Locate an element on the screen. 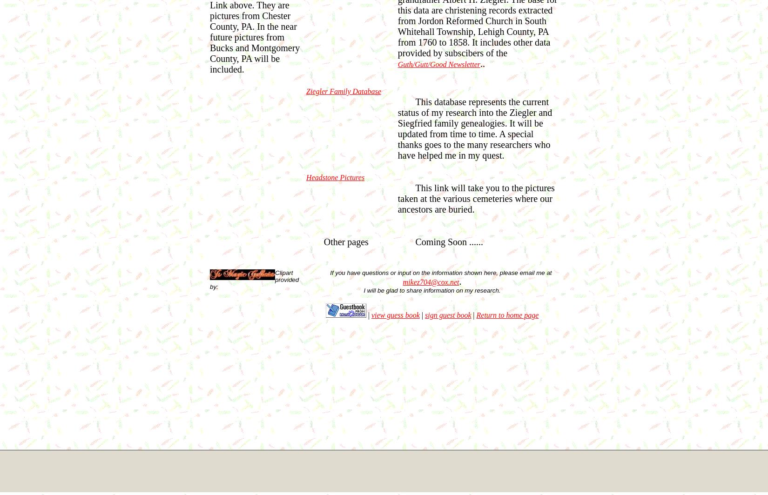 The width and height of the screenshot is (768, 495). 'view
      guess book' is located at coordinates (395, 314).